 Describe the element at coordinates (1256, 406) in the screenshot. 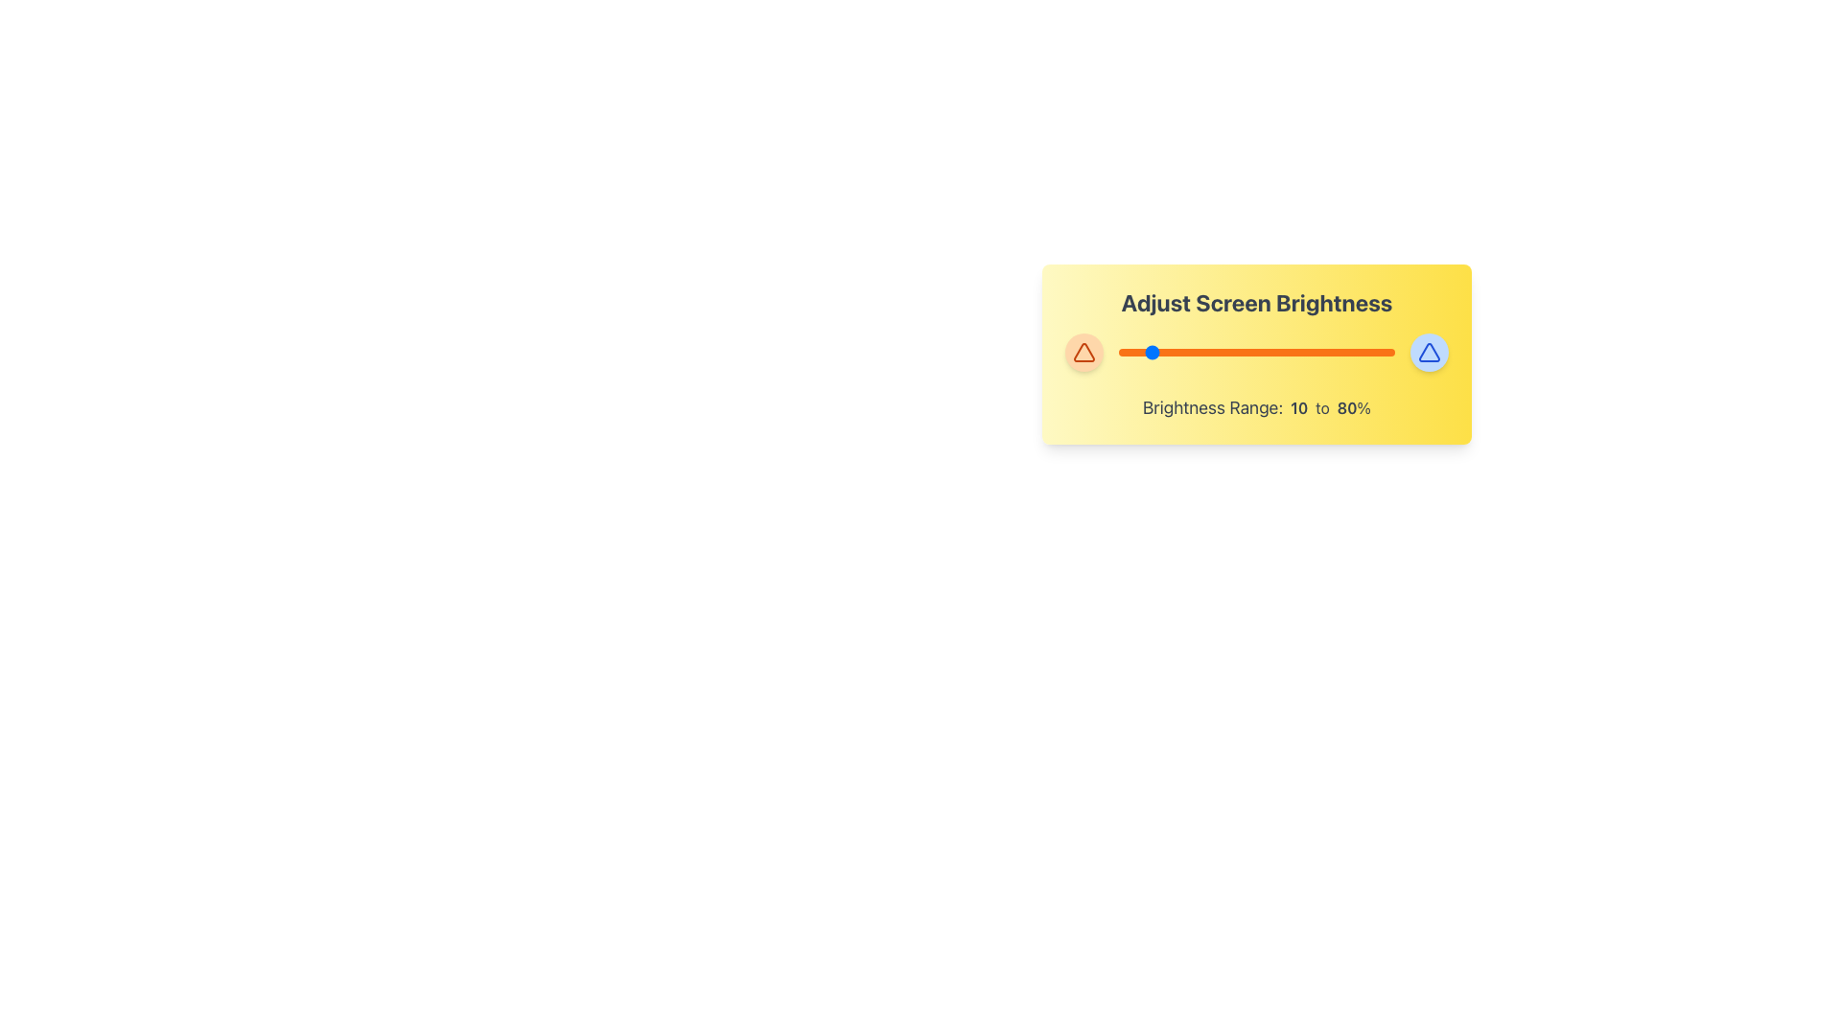

I see `the text label displaying 'Brightness Range: 10 to 80%' located at the center-bottom of the yellow-themed card layout, beneath the horizontal slider` at that location.